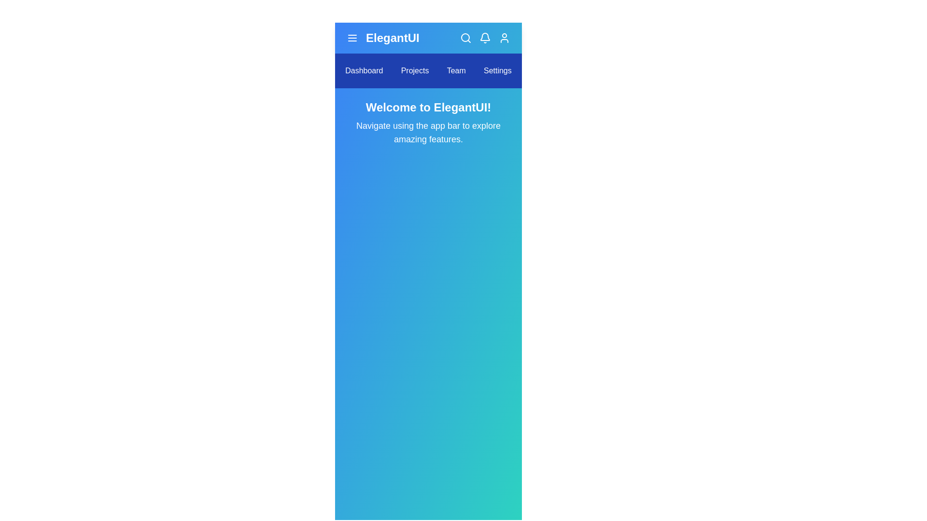  I want to click on the navigation bar item labeled Settings to navigate to that section, so click(497, 70).